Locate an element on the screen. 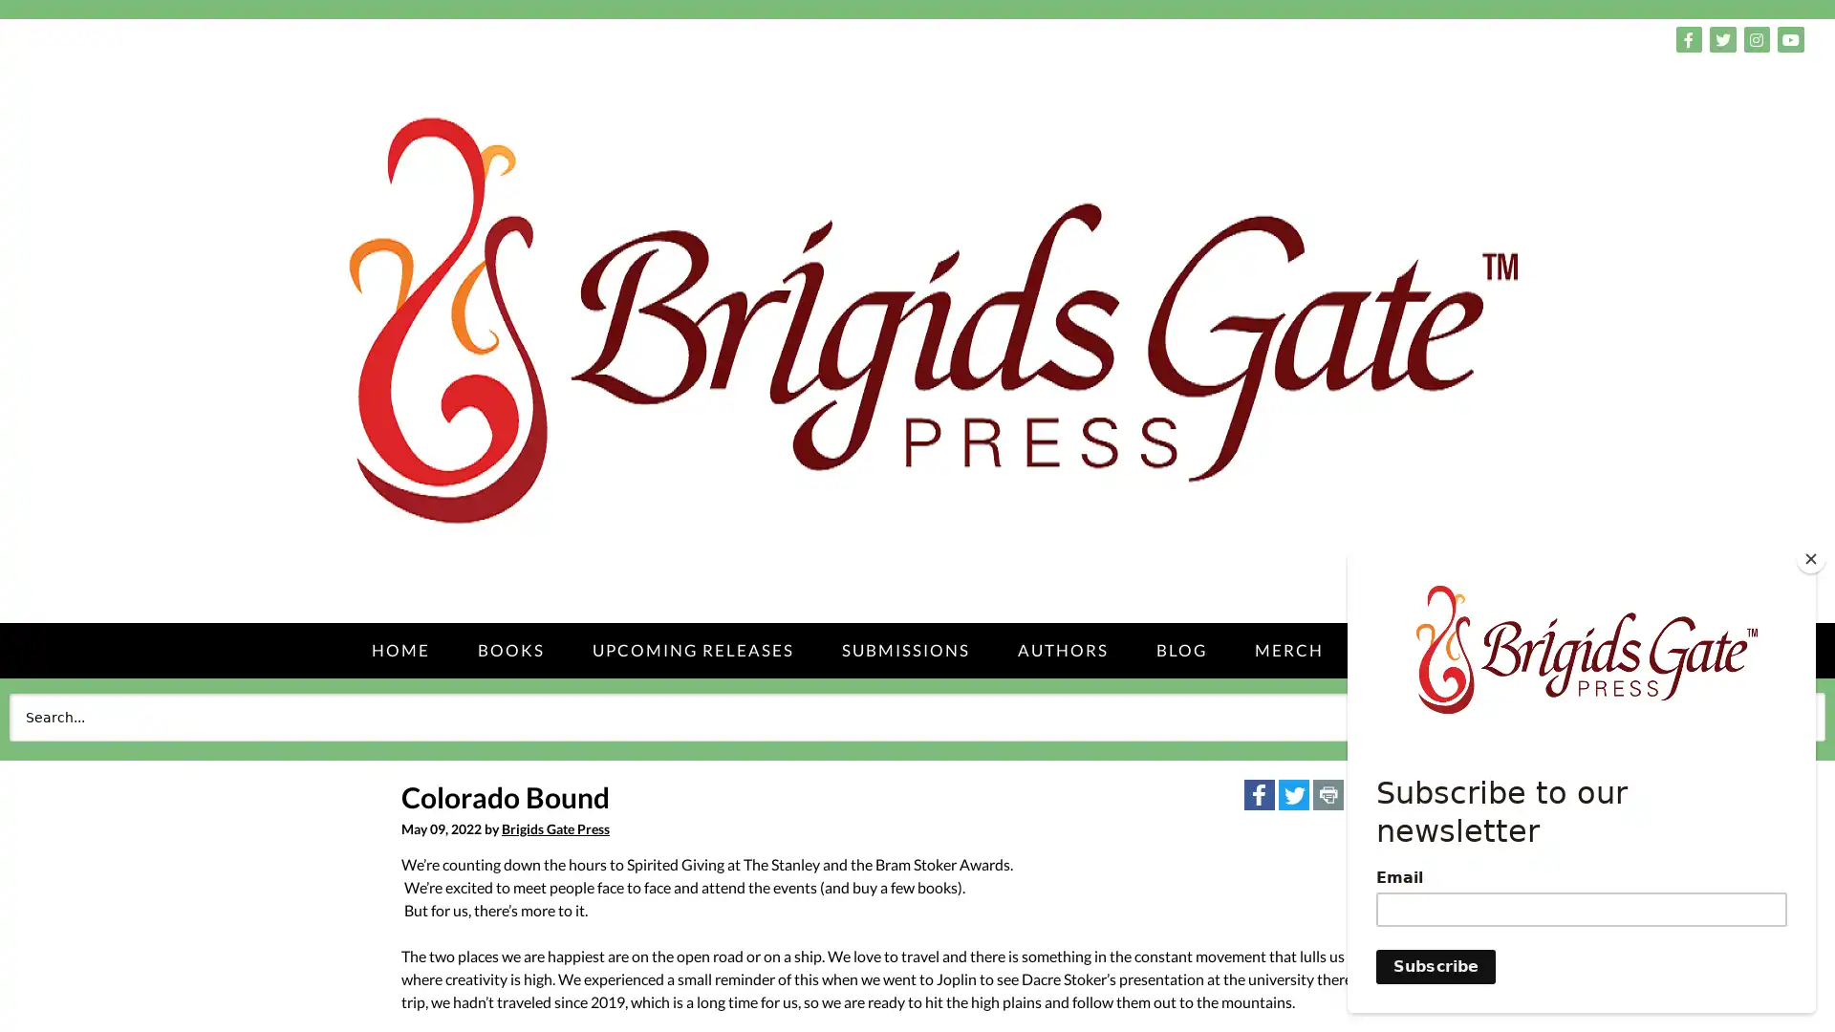 The image size is (1835, 1032). Search is located at coordinates (1781, 716).